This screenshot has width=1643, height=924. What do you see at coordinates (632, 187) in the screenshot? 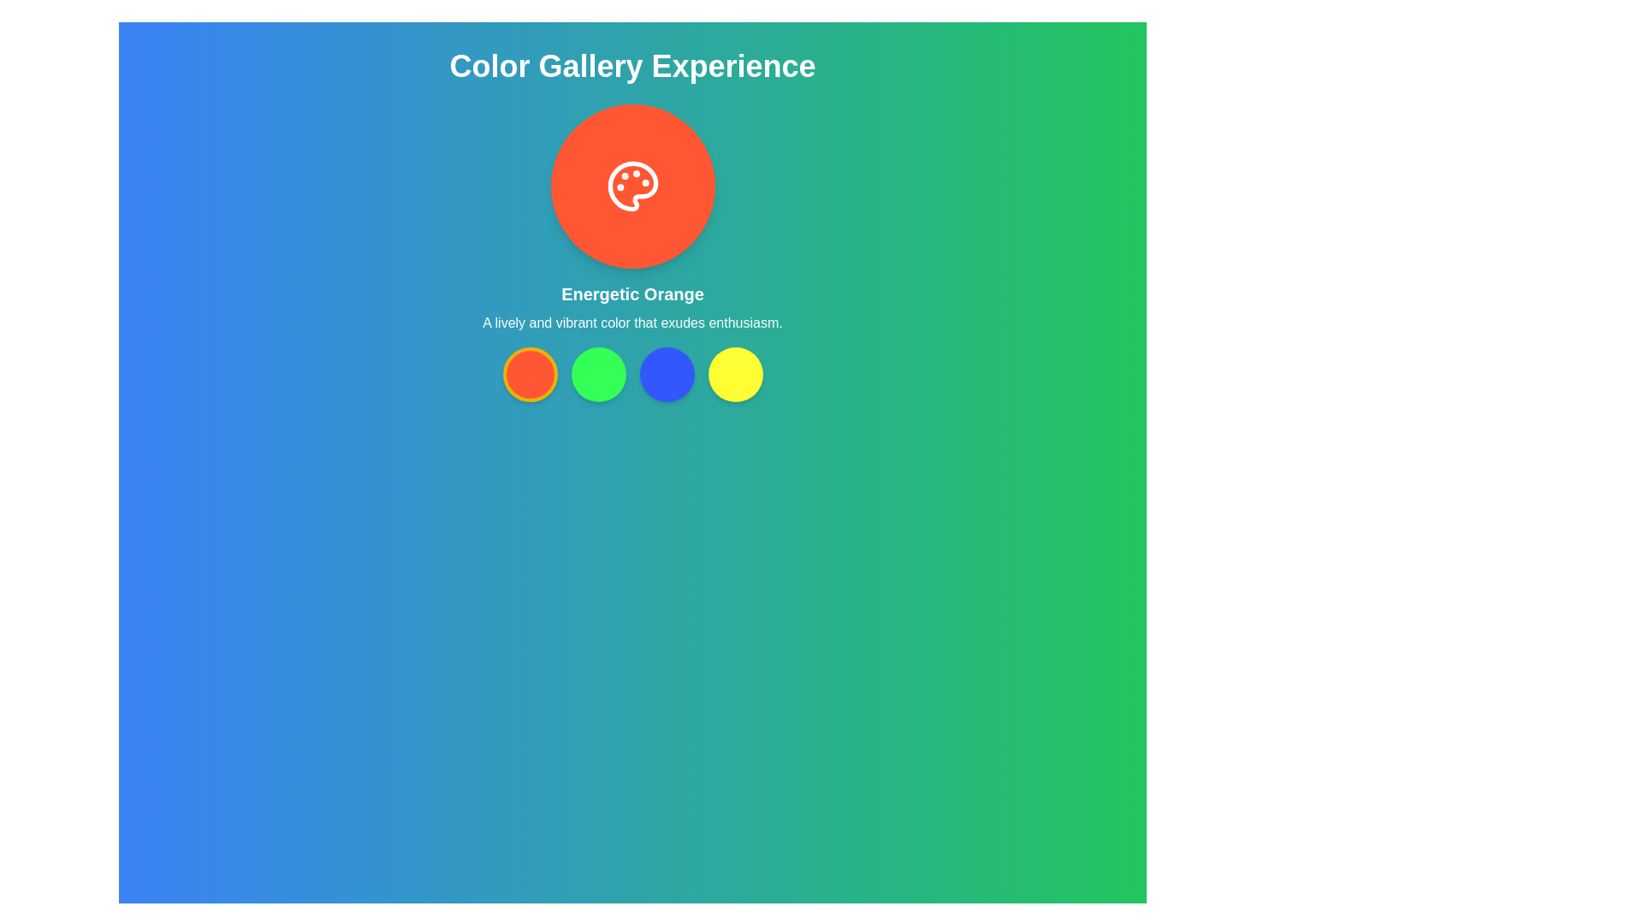
I see `the icon located centrally within a circular orange area, which serves as a visual representation for a painting tool or color palette selection` at bounding box center [632, 187].